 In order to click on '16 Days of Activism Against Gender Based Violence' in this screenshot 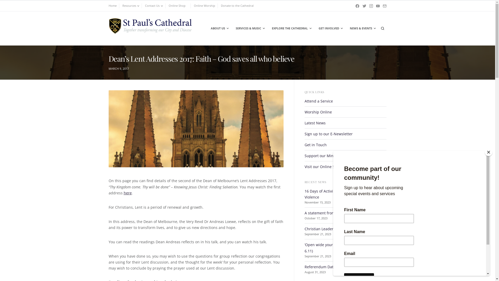, I will do `click(341, 194)`.